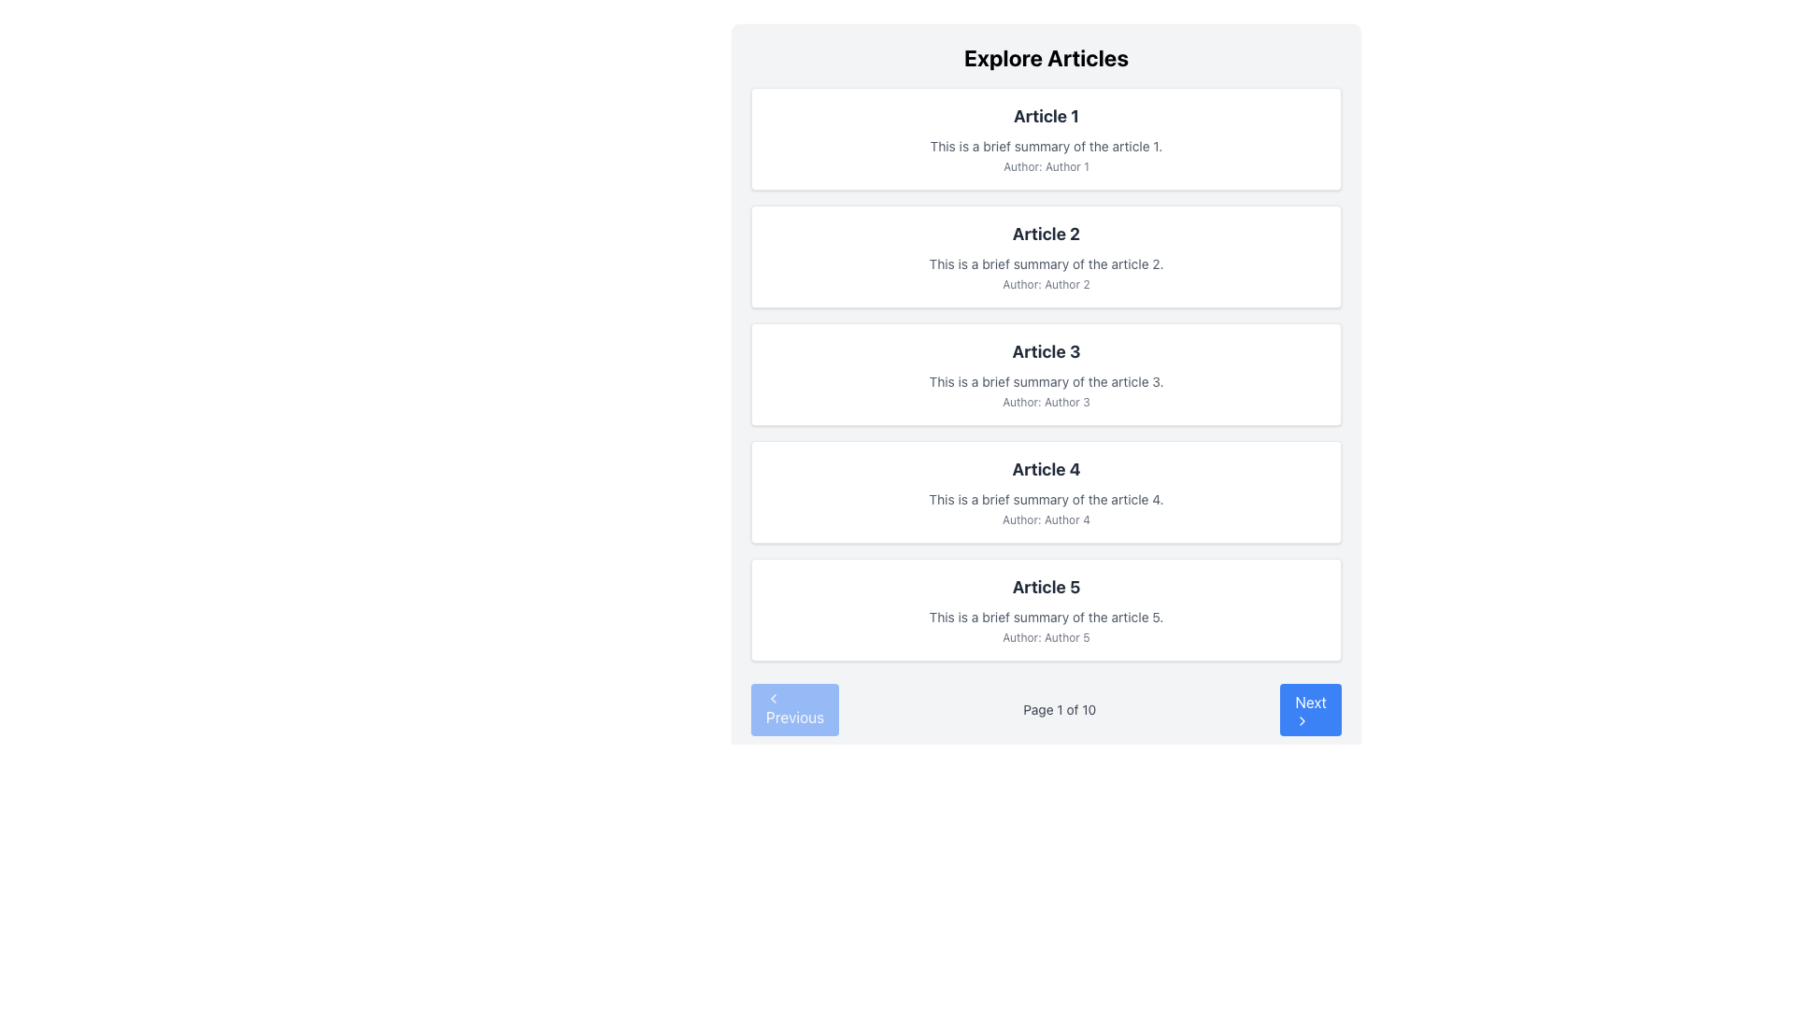 The image size is (1794, 1009). Describe the element at coordinates (1045, 233) in the screenshot. I see `title text of 'Article 2' which is visually prominent and located within the second card of the main content area` at that location.